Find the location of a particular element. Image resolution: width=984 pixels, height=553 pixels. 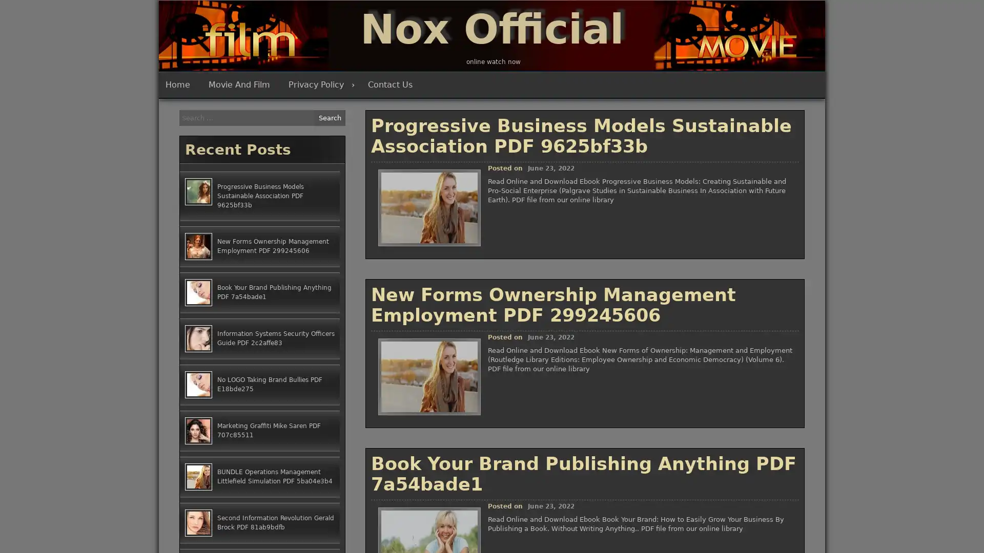

Search is located at coordinates (330, 117).